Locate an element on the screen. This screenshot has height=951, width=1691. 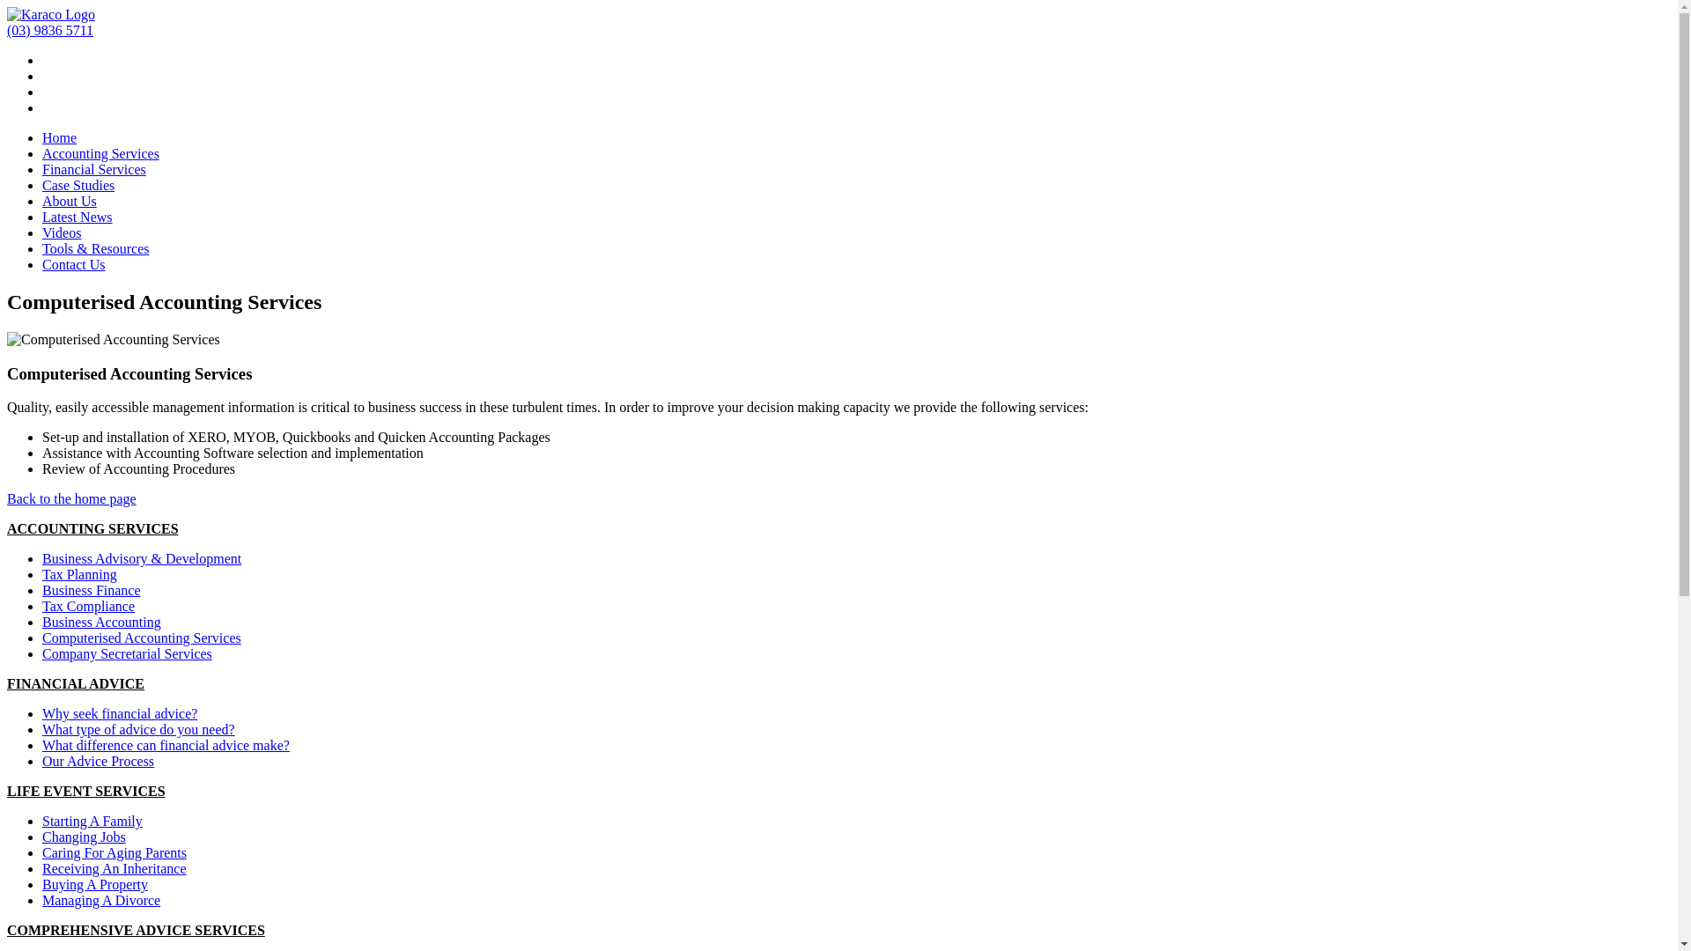
'Case Studies' is located at coordinates (42, 185).